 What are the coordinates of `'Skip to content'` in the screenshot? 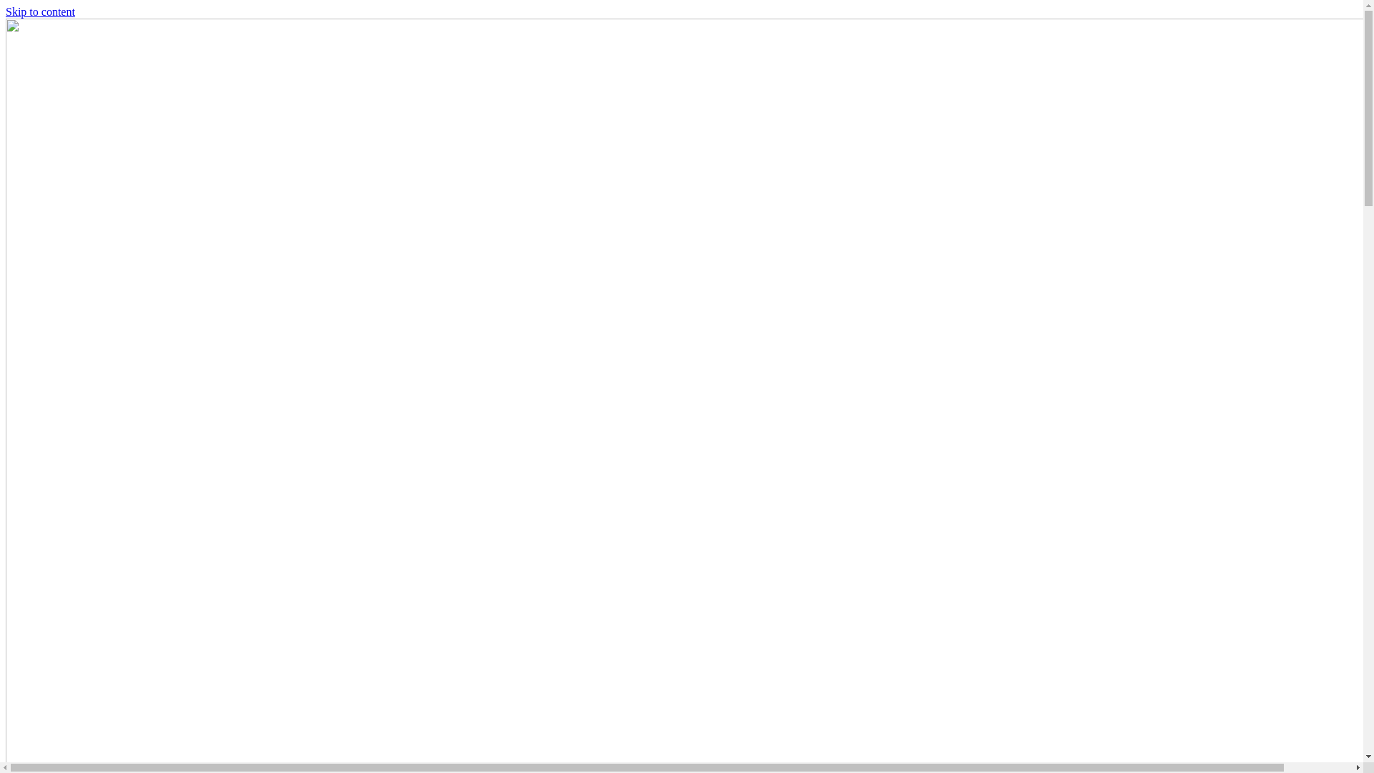 It's located at (40, 11).